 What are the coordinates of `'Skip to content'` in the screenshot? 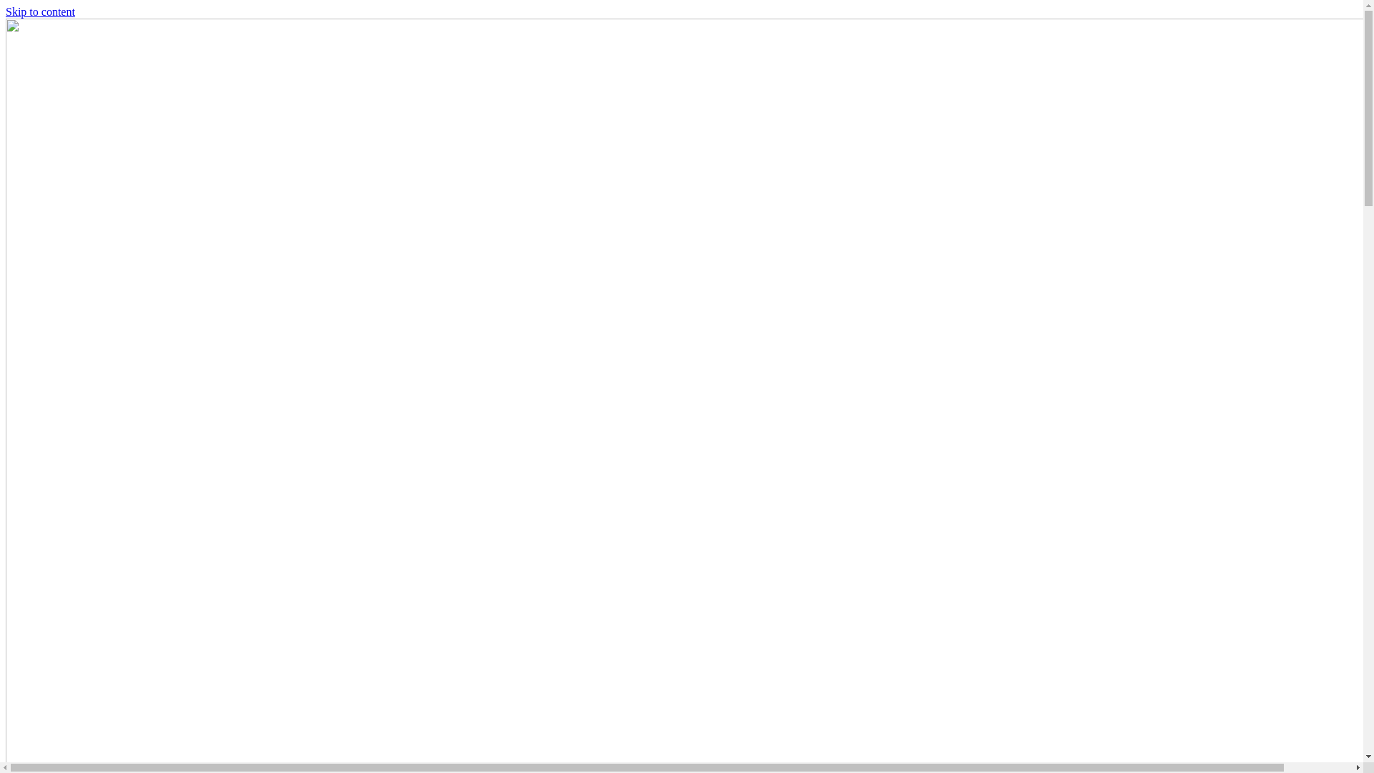 It's located at (40, 11).